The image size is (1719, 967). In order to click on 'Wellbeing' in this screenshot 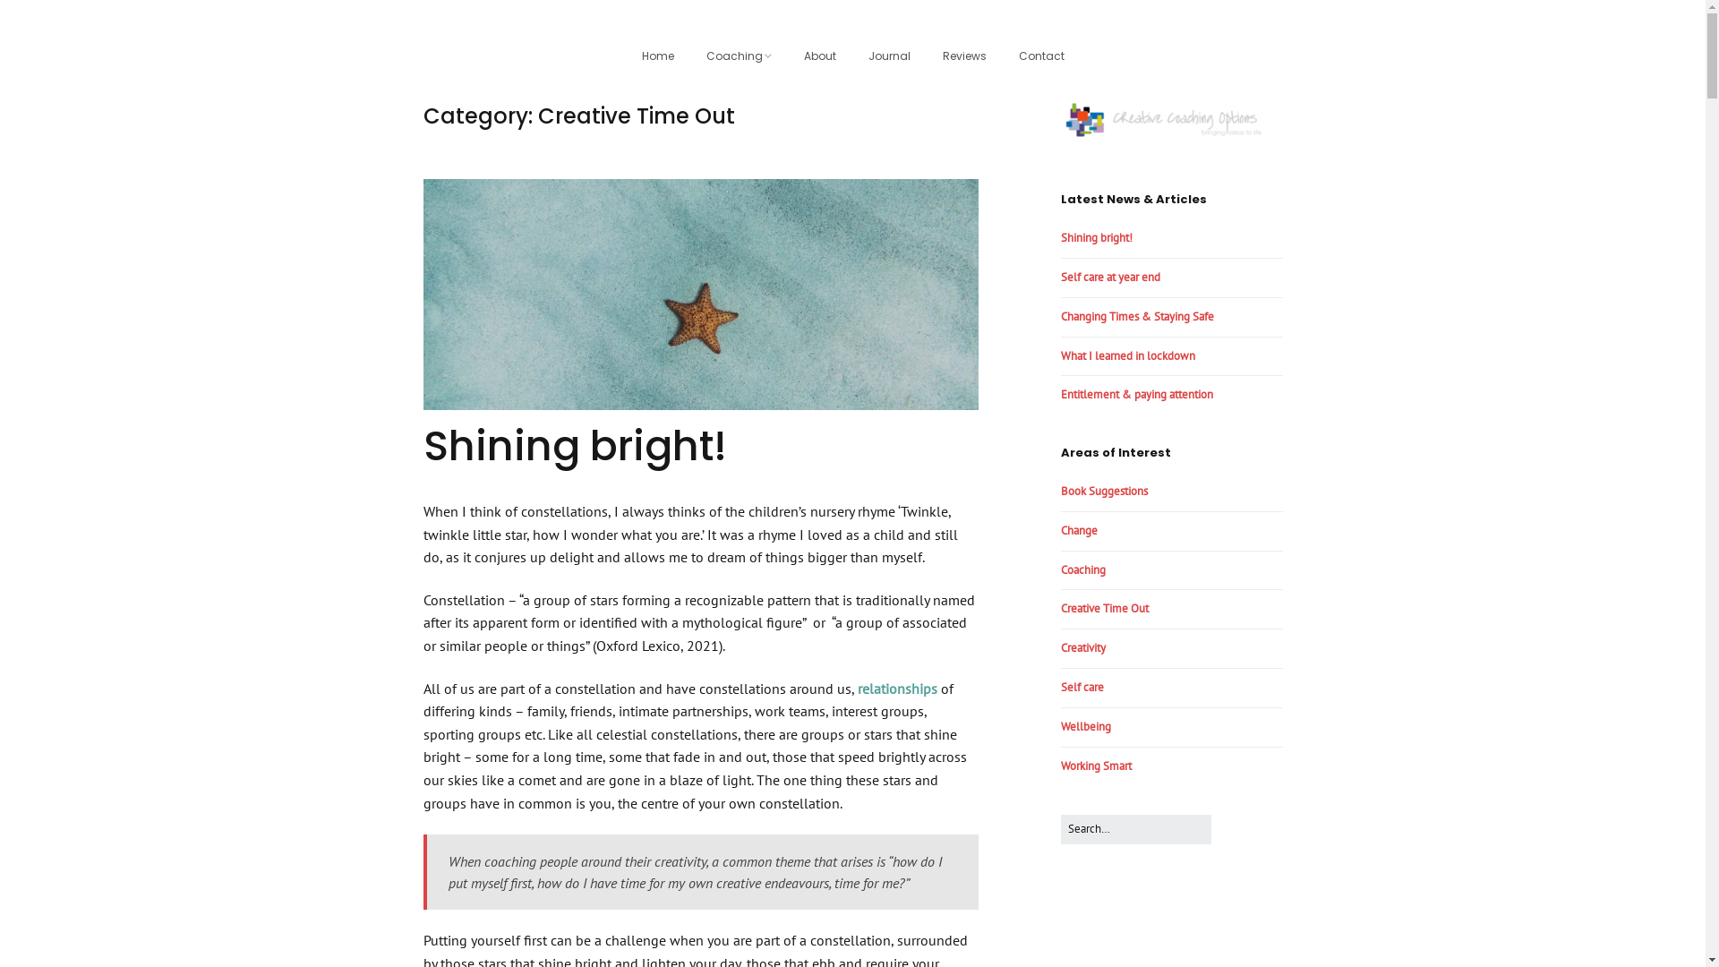, I will do `click(1084, 726)`.